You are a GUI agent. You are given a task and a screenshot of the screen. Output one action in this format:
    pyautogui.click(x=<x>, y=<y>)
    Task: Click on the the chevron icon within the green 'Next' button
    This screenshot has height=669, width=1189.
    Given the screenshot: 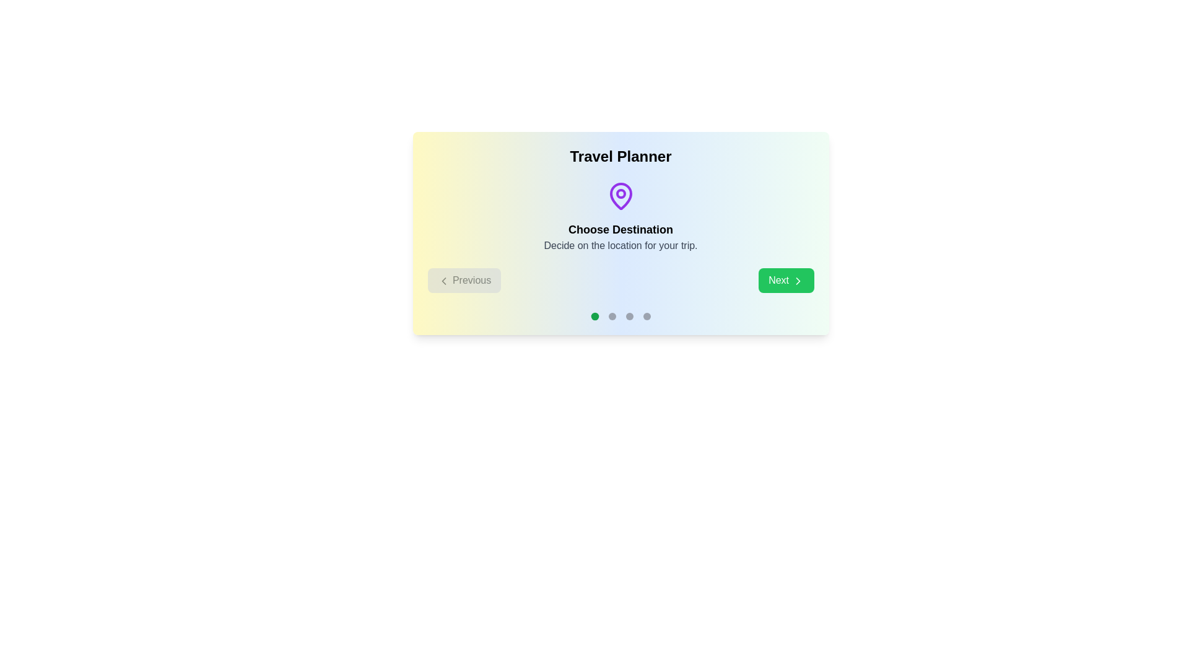 What is the action you would take?
    pyautogui.click(x=798, y=281)
    